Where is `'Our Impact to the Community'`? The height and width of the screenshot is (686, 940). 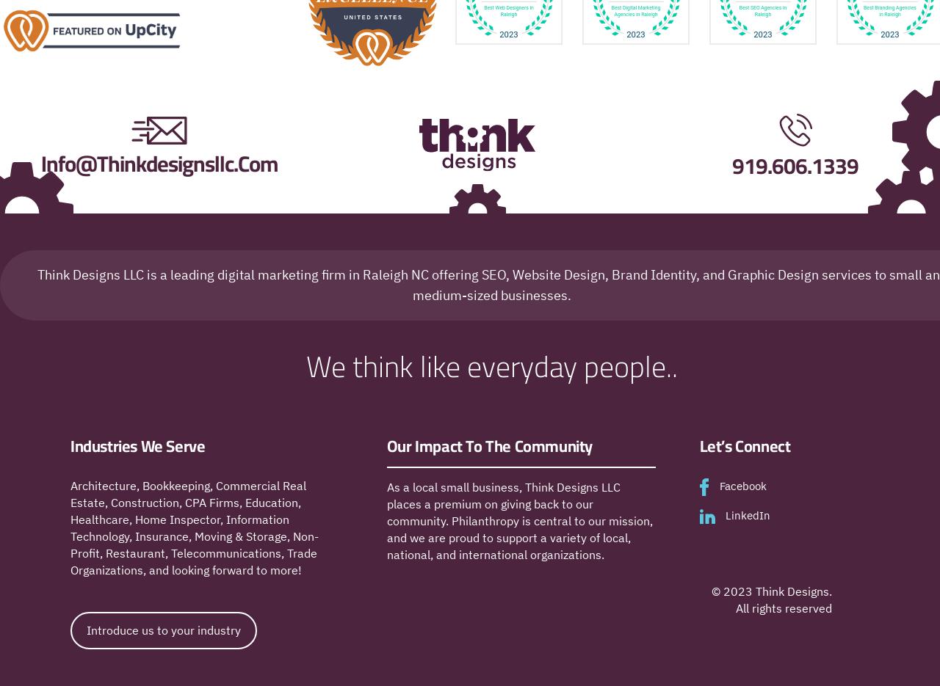 'Our Impact to the Community' is located at coordinates (489, 445).